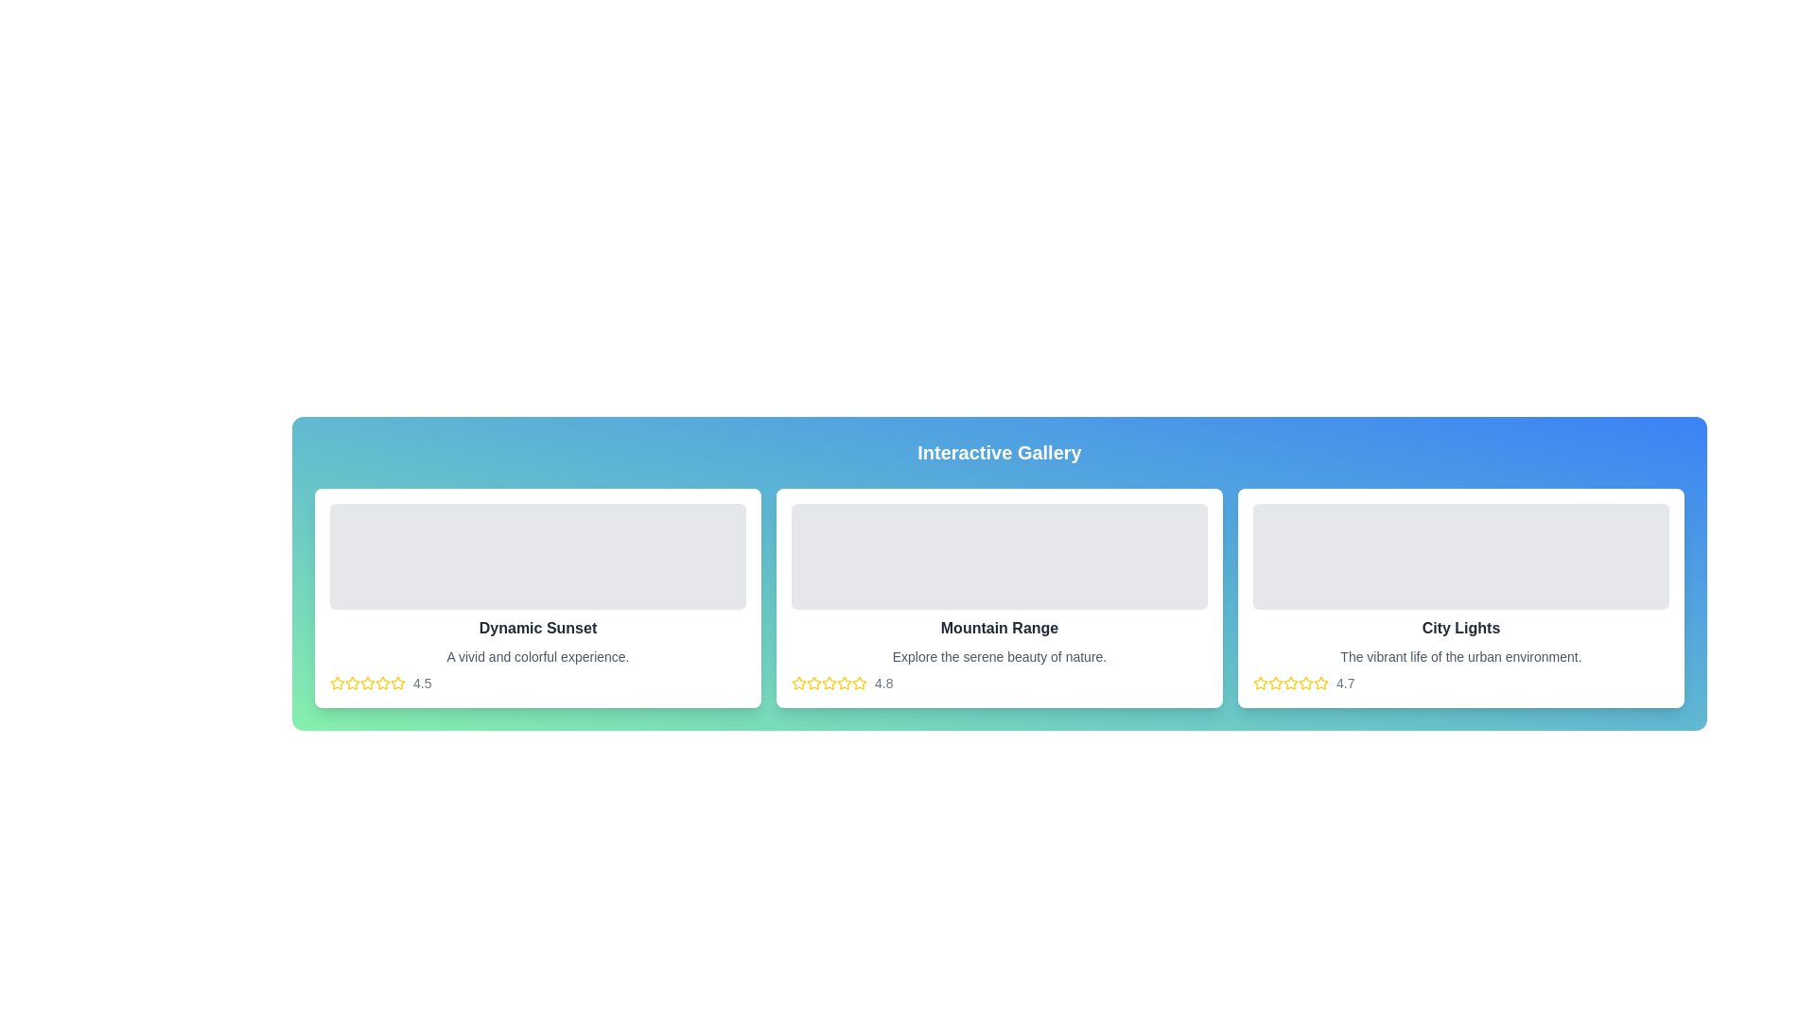 The height and width of the screenshot is (1021, 1816). Describe the element at coordinates (353, 683) in the screenshot. I see `the third graphical star icon representing a part of the rating score for 'Dynamic Sunset'` at that location.